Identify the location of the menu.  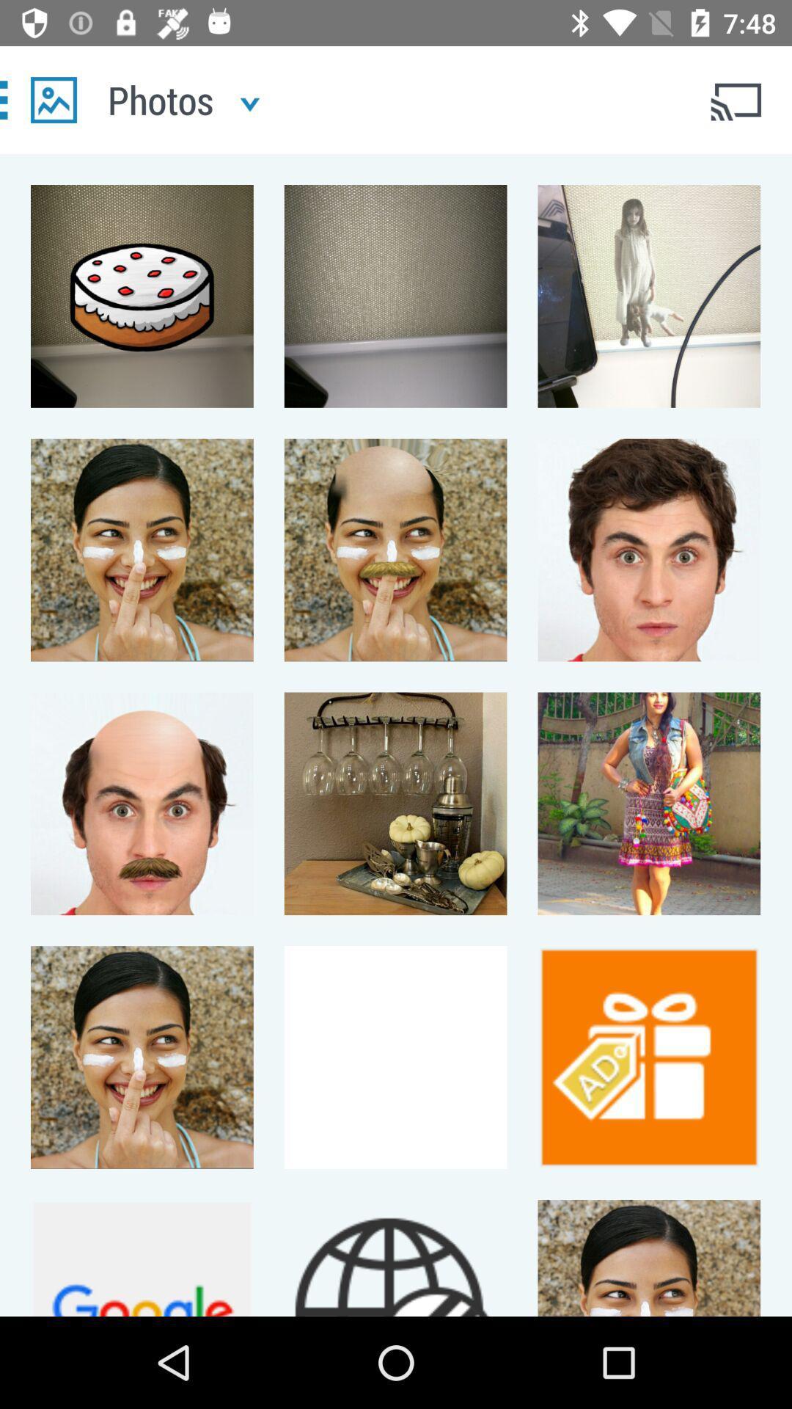
(53, 99).